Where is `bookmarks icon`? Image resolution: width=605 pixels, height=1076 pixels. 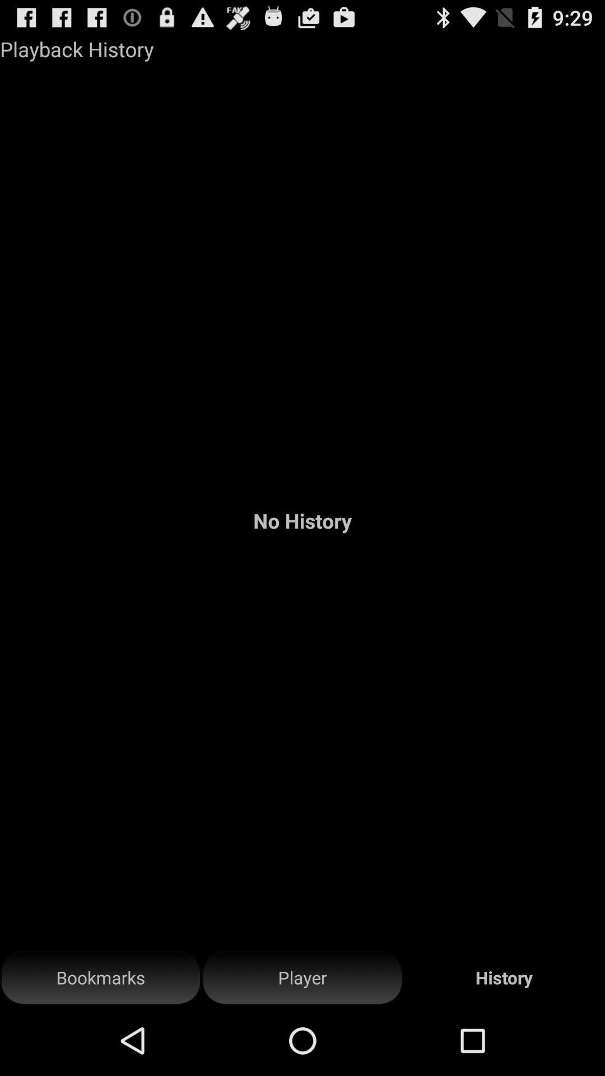
bookmarks icon is located at coordinates (101, 977).